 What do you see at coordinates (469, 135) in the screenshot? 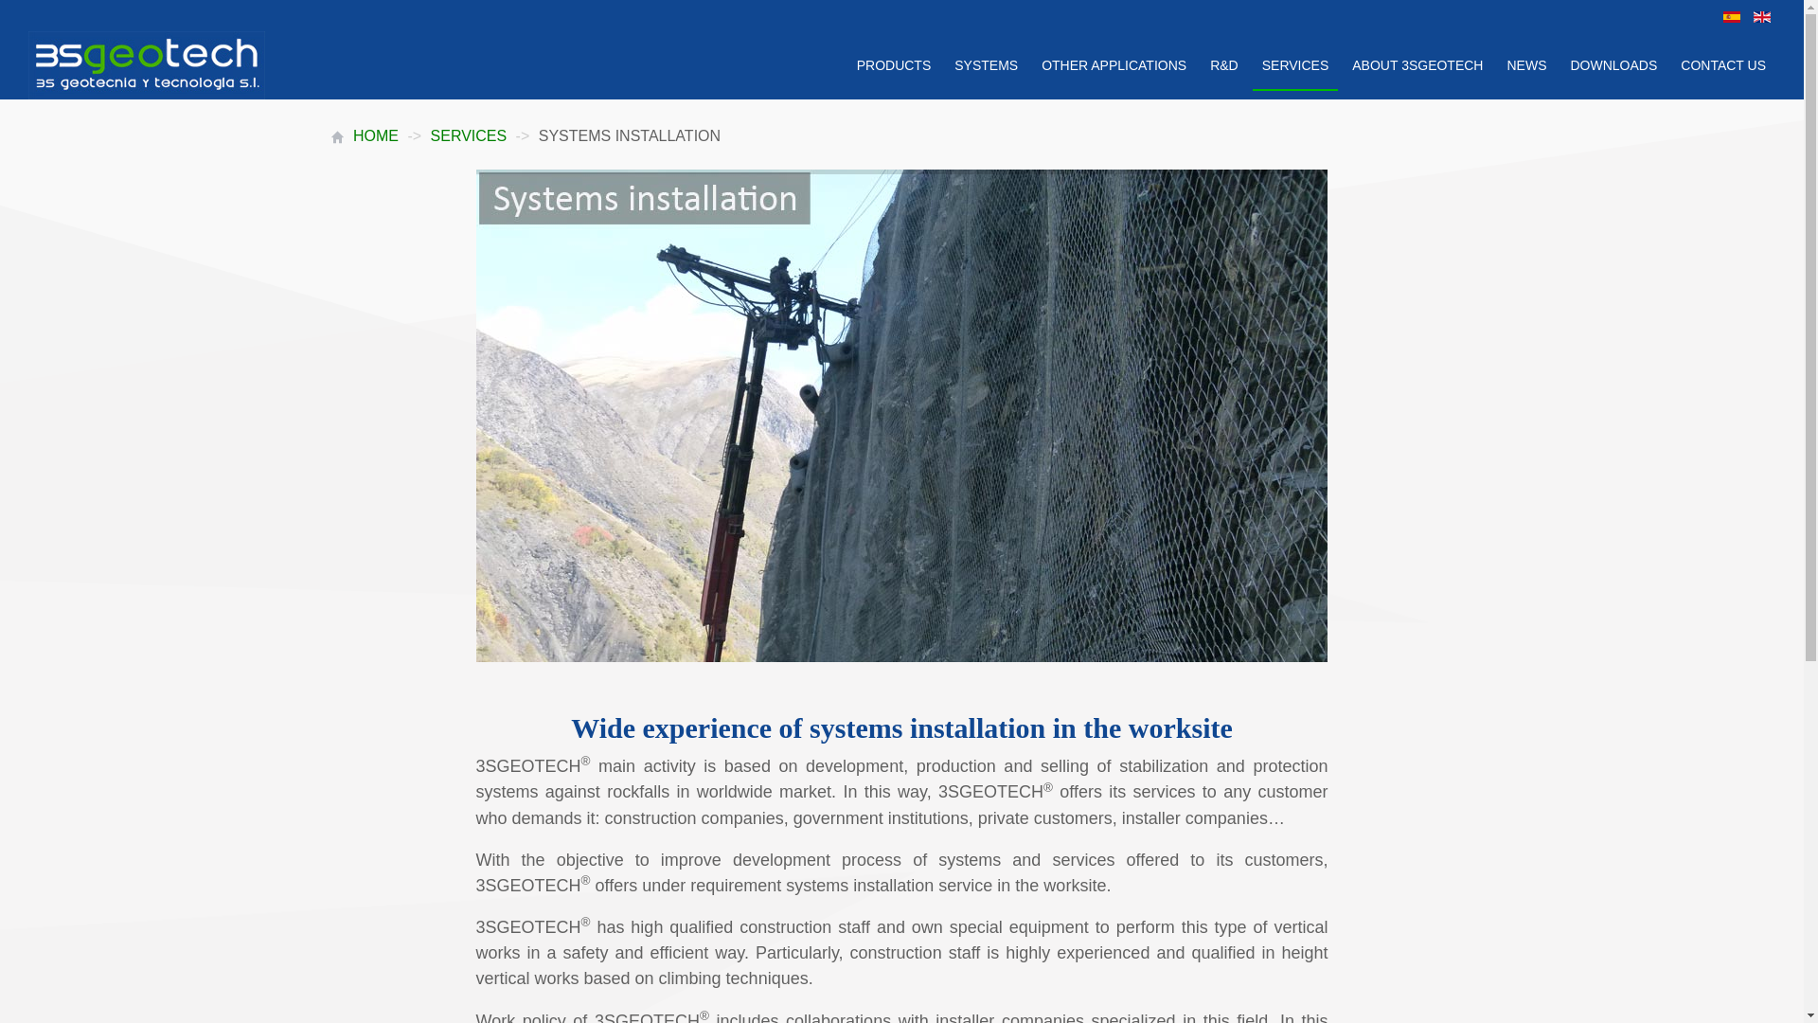
I see `'SERVICES'` at bounding box center [469, 135].